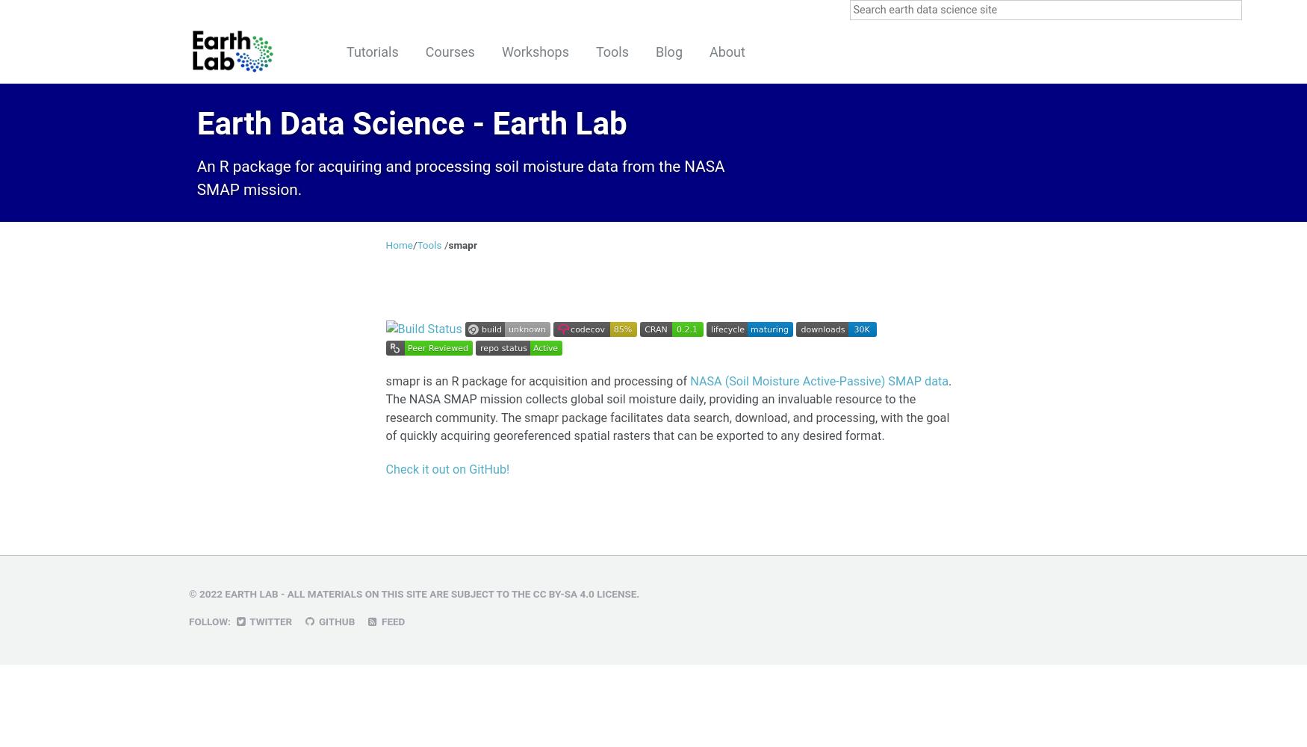 This screenshot has width=1307, height=747. I want to click on '. The NASA SMAP mission collects global soil moisture daily, providing an invaluable resource to the research community. The smapr package facilitates data search, download, and processing, with the goal of quickly acquiring georeferenced spatial rasters that can be exported to any desired format.', so click(667, 408).